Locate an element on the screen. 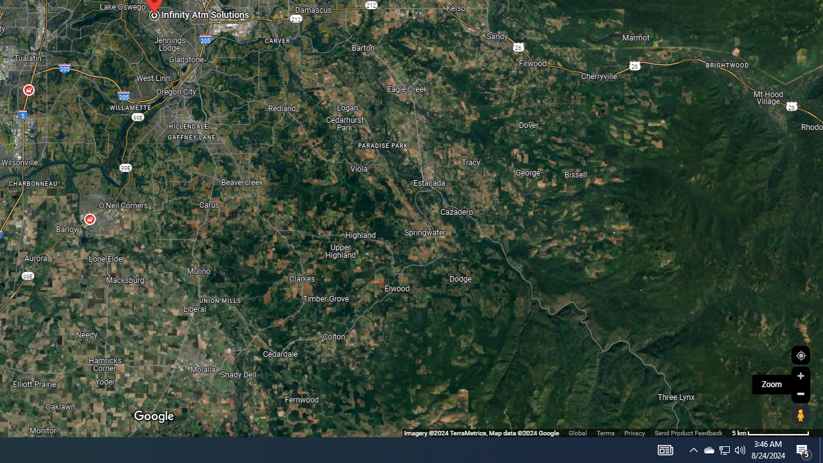  'Zoom in' is located at coordinates (800, 376).